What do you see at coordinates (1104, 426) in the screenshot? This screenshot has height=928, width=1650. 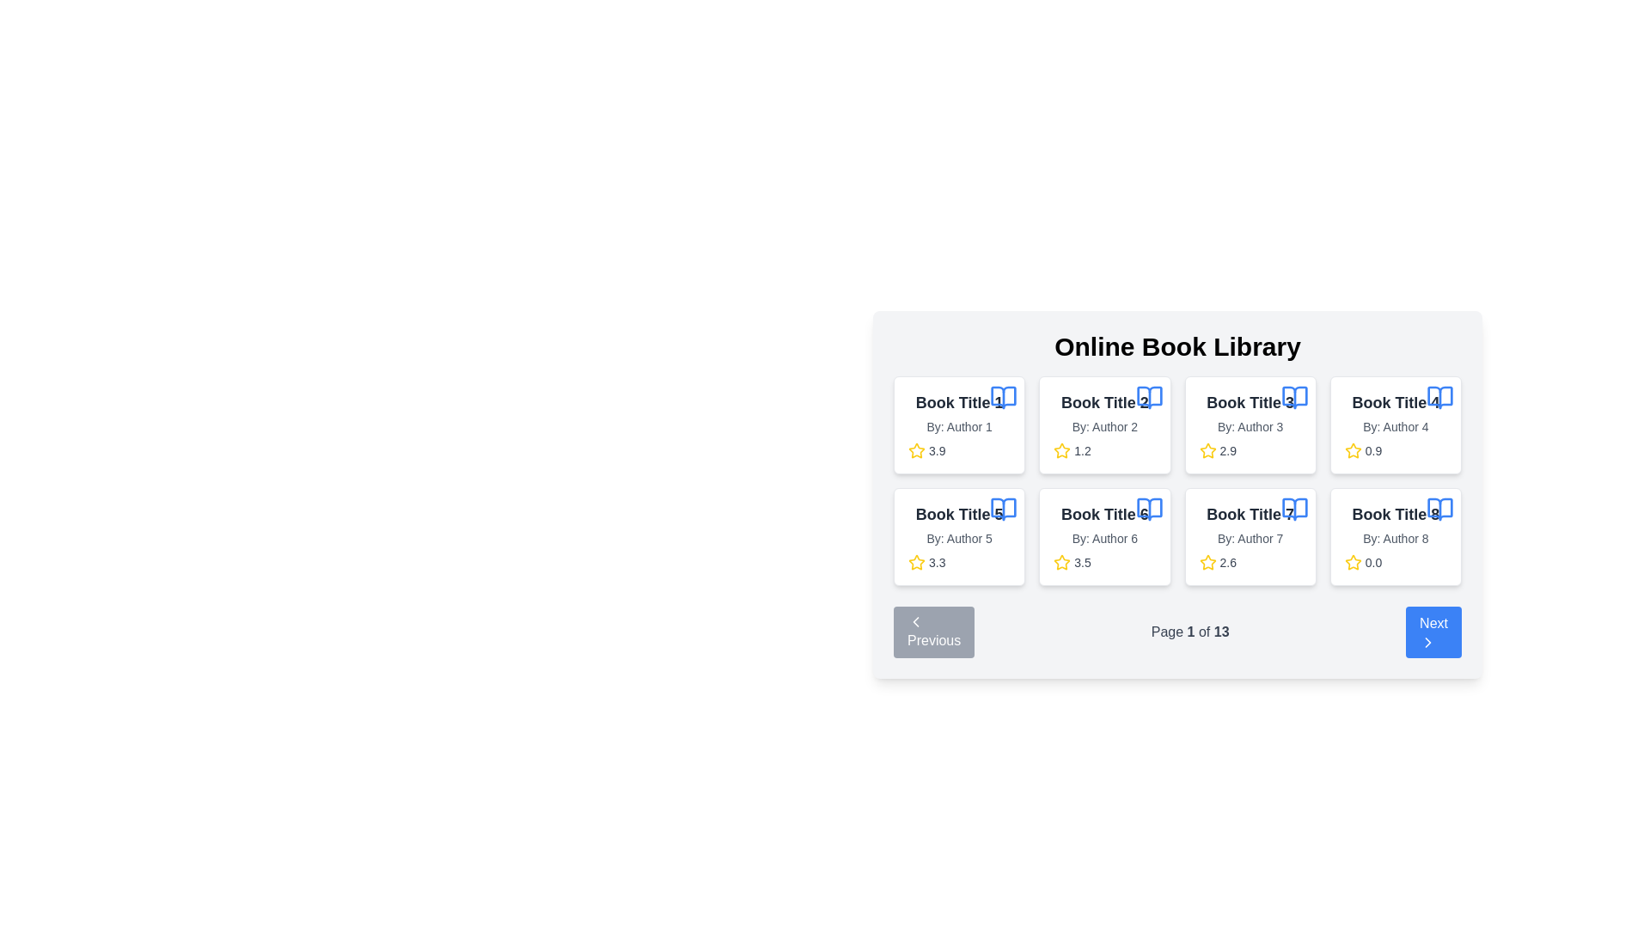 I see `the text label indicating the author of 'Book Title 2', which is the second textual component within the book card` at bounding box center [1104, 426].